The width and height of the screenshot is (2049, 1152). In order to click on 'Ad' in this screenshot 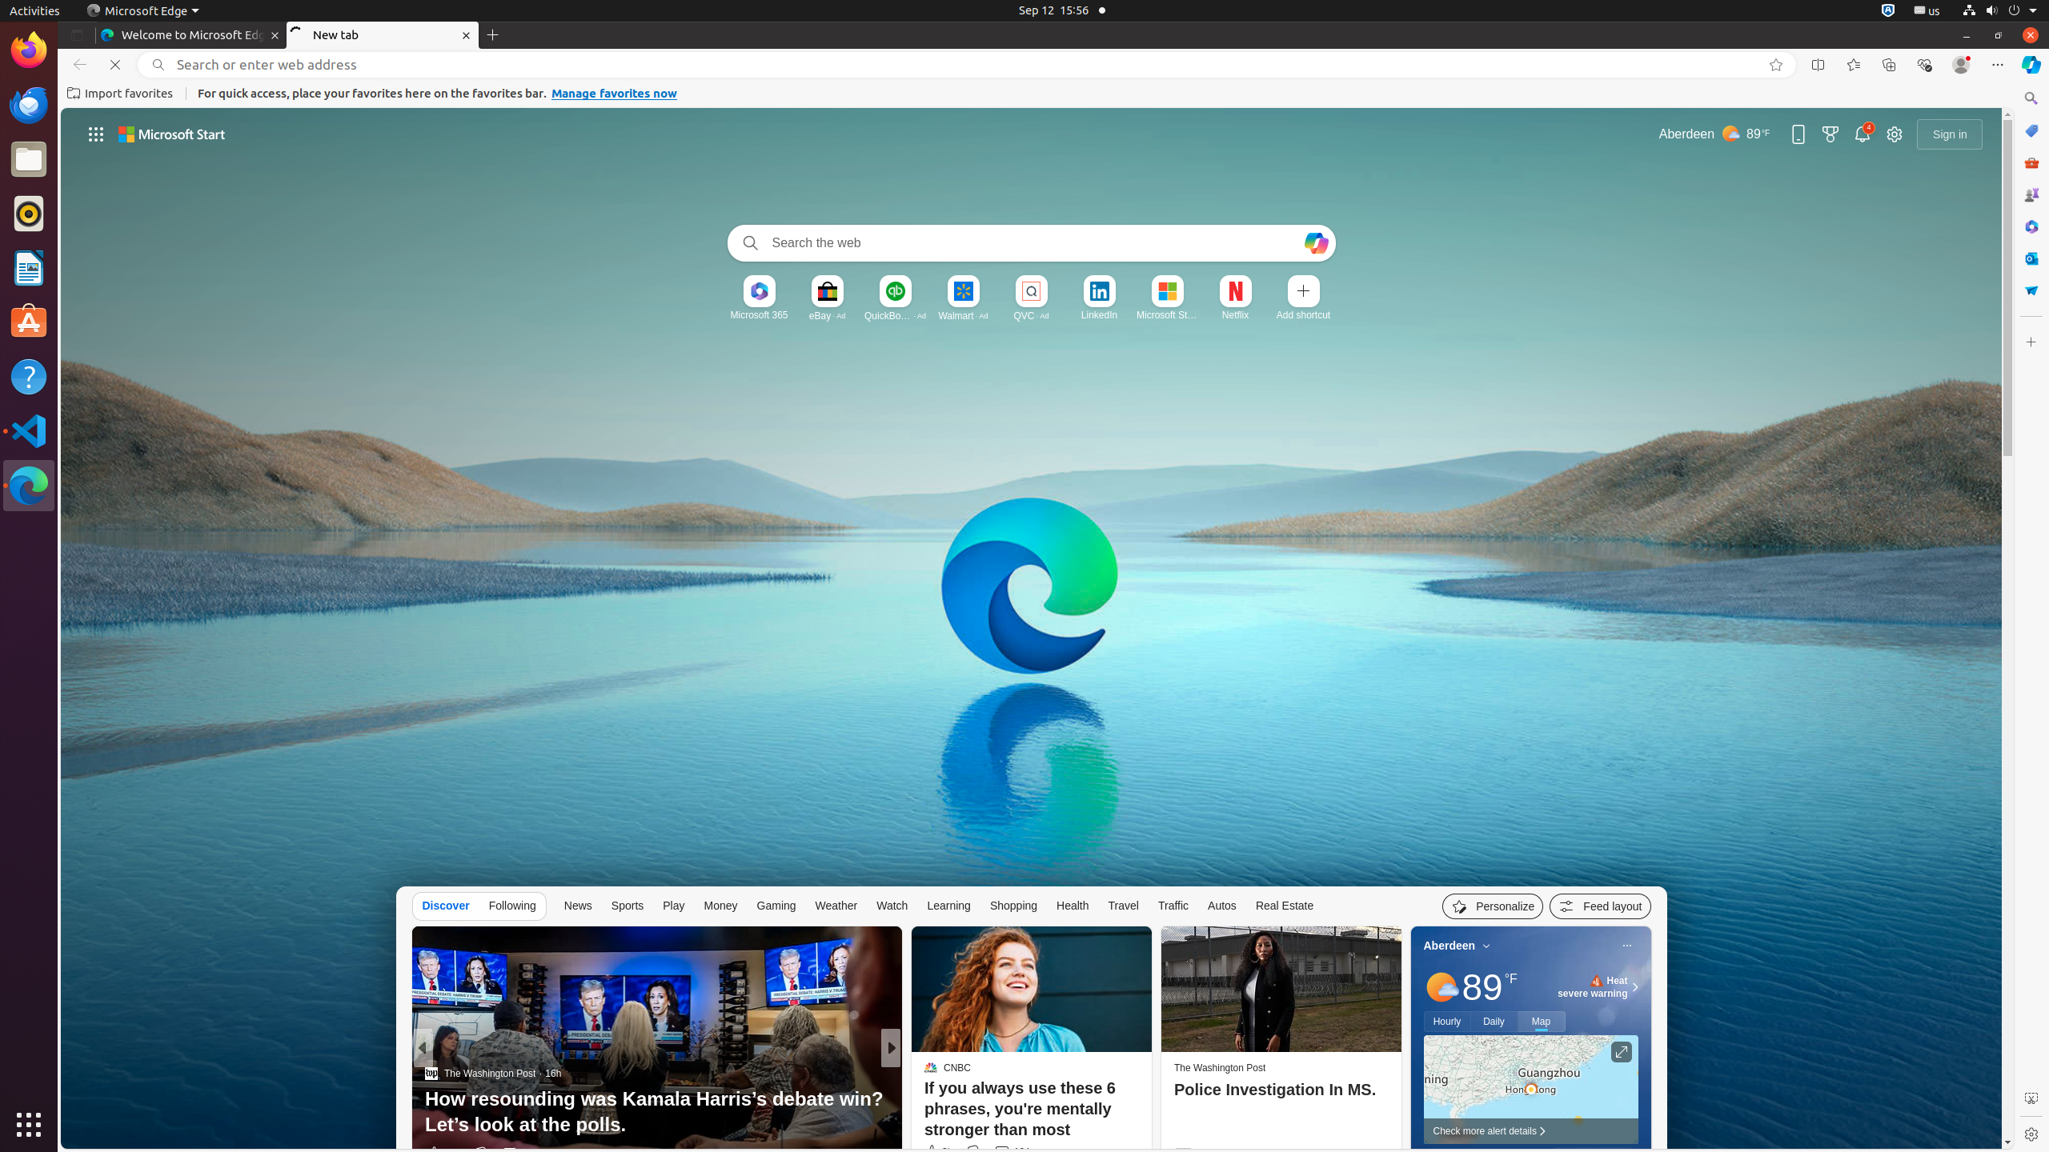, I will do `click(840, 315)`.